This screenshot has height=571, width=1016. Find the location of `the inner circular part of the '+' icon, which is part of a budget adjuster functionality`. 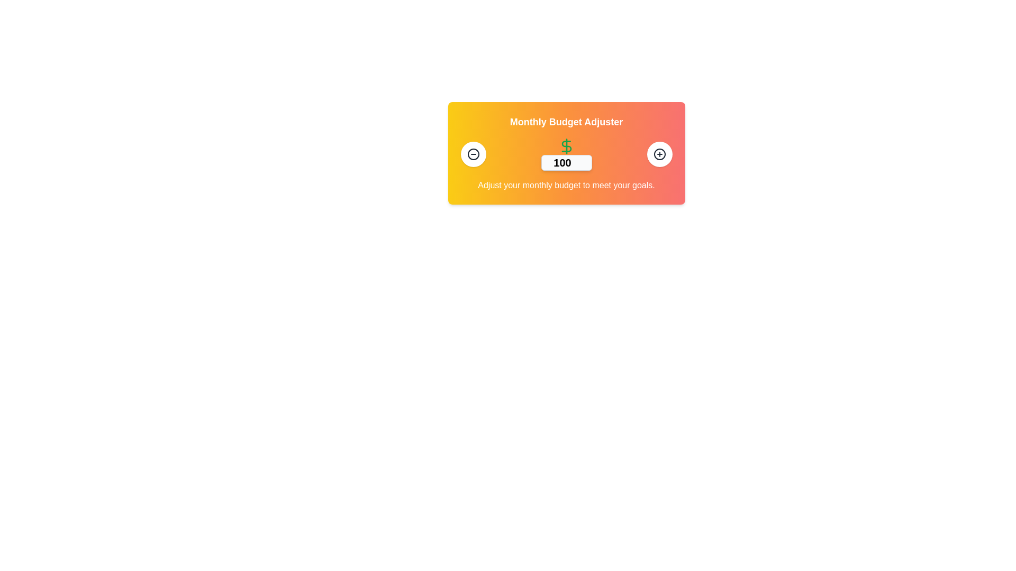

the inner circular part of the '+' icon, which is part of a budget adjuster functionality is located at coordinates (659, 154).